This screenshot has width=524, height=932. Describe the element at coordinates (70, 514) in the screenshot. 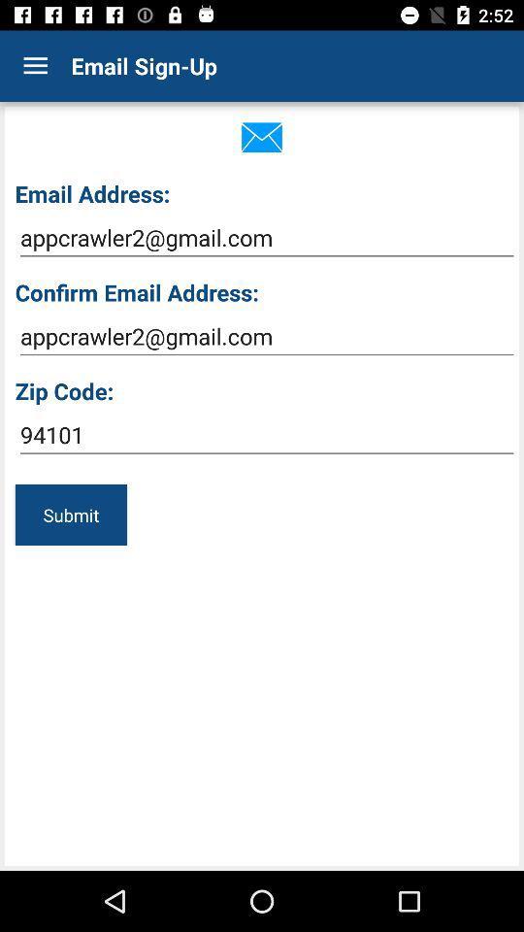

I see `the icon below the 94101` at that location.